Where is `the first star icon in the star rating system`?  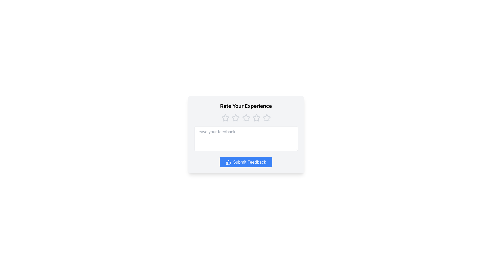
the first star icon in the star rating system is located at coordinates (225, 118).